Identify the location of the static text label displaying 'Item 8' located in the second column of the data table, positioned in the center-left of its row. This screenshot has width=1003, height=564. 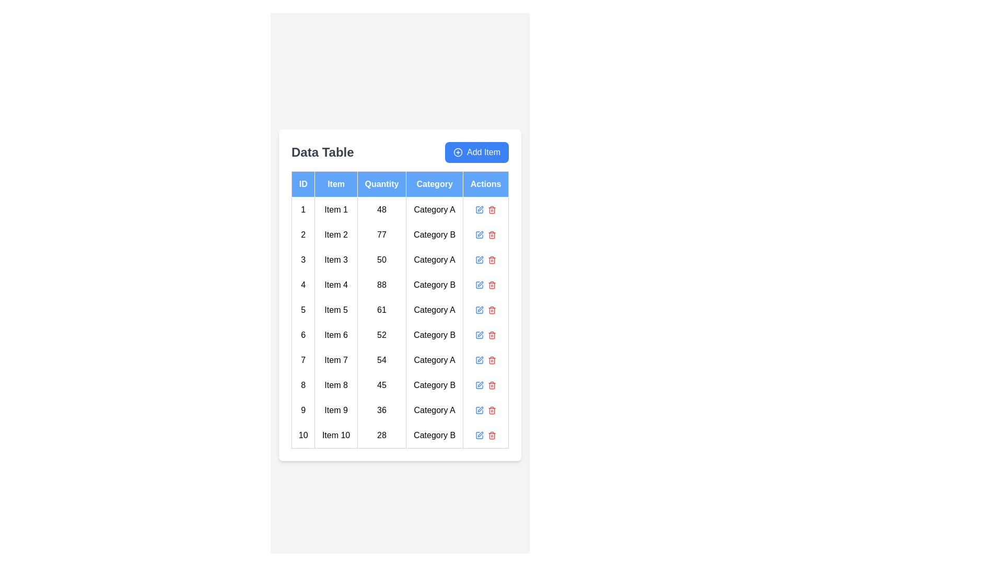
(336, 385).